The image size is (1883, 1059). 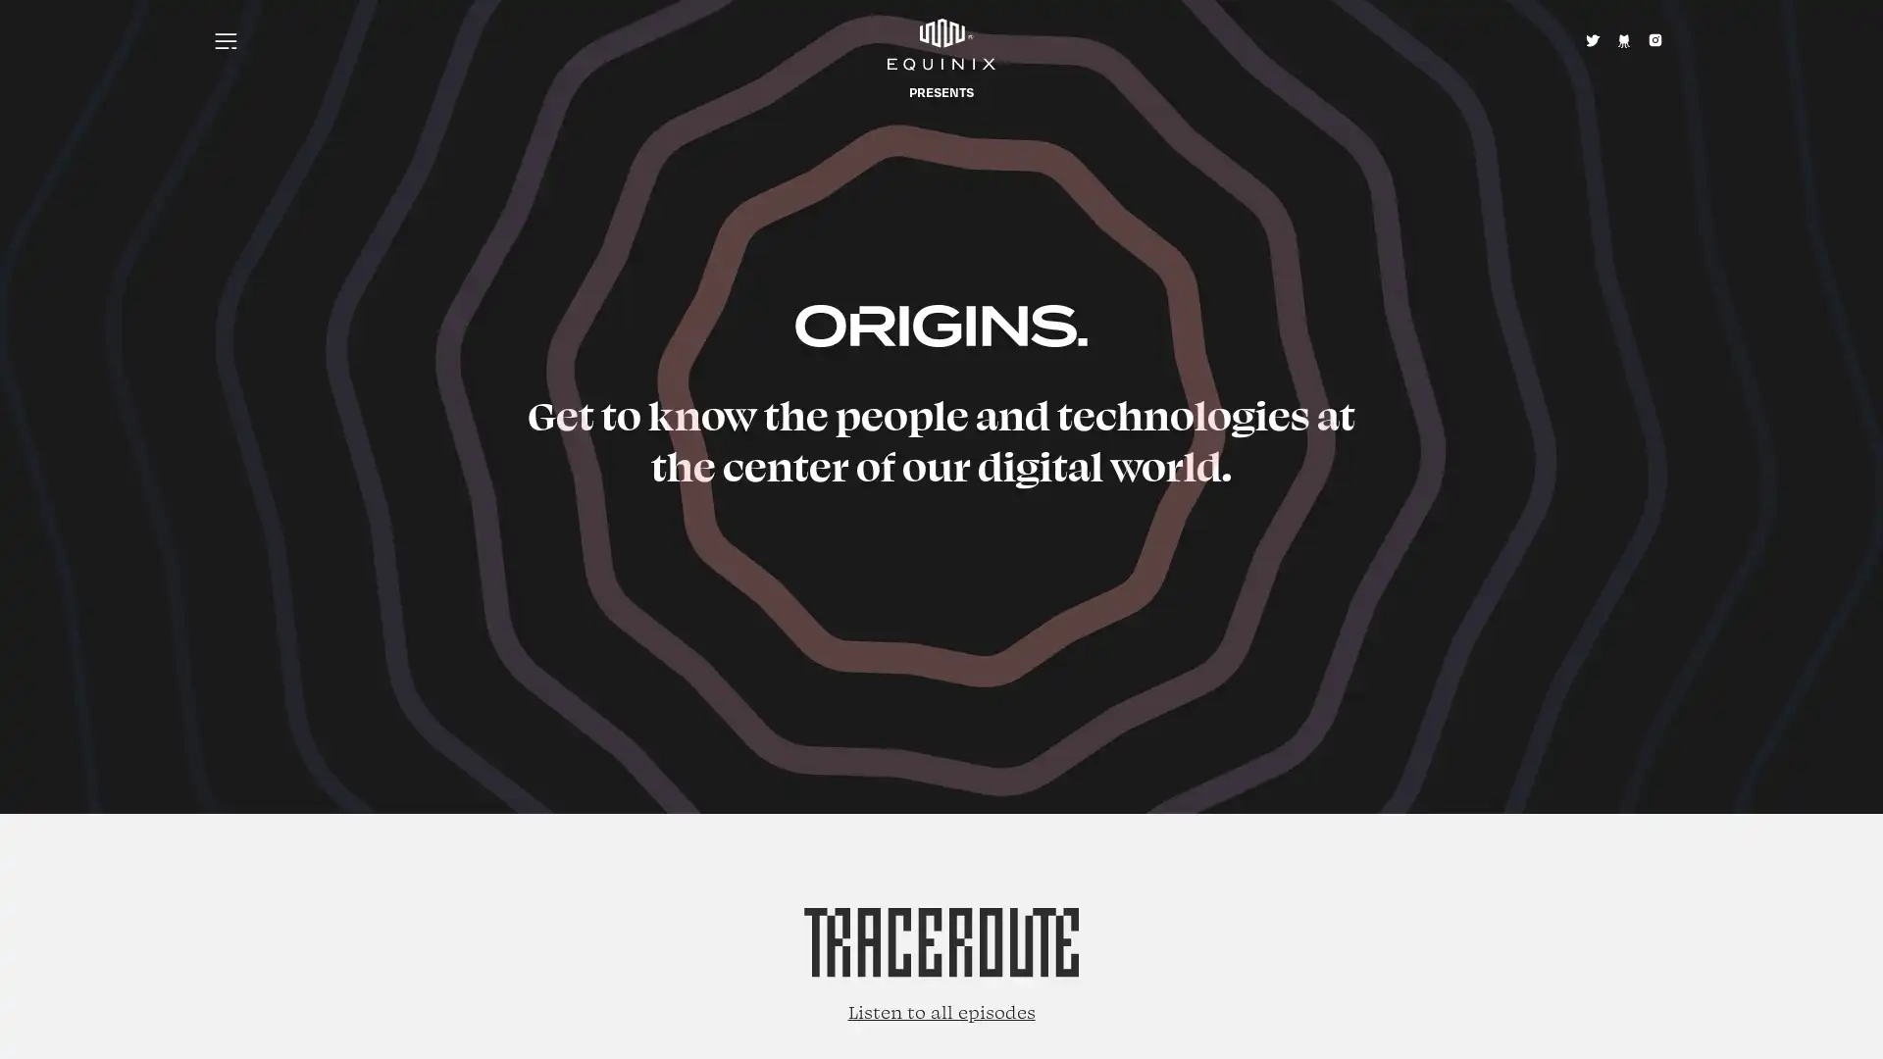 What do you see at coordinates (226, 41) in the screenshot?
I see `Menu icon` at bounding box center [226, 41].